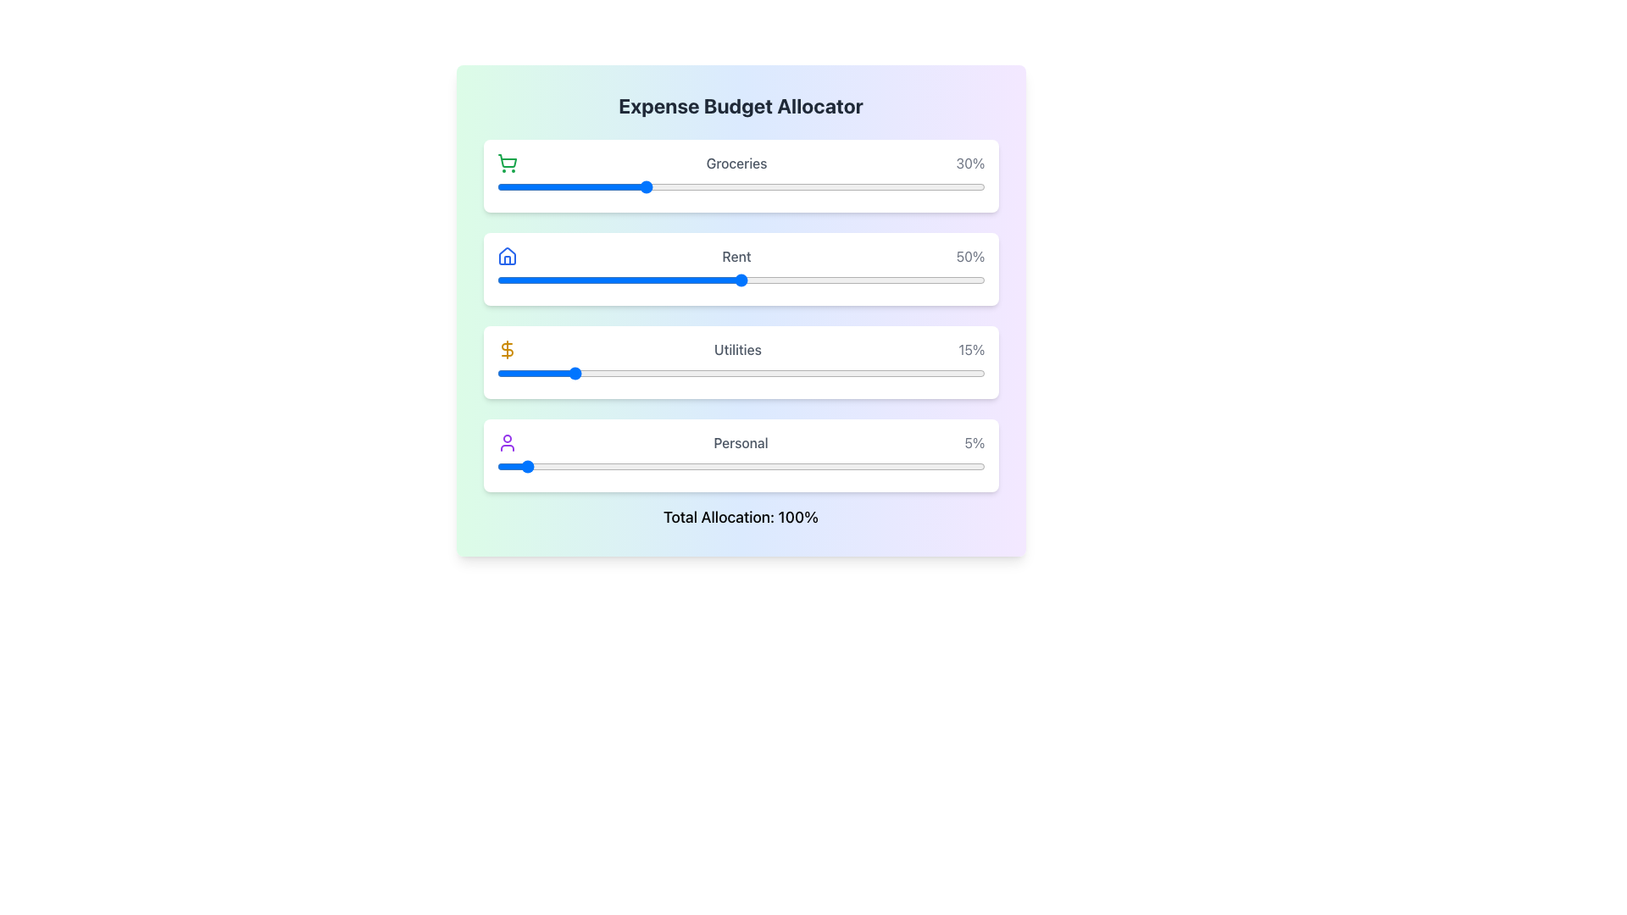 Image resolution: width=1627 pixels, height=915 pixels. What do you see at coordinates (750, 372) in the screenshot?
I see `utilities allocation` at bounding box center [750, 372].